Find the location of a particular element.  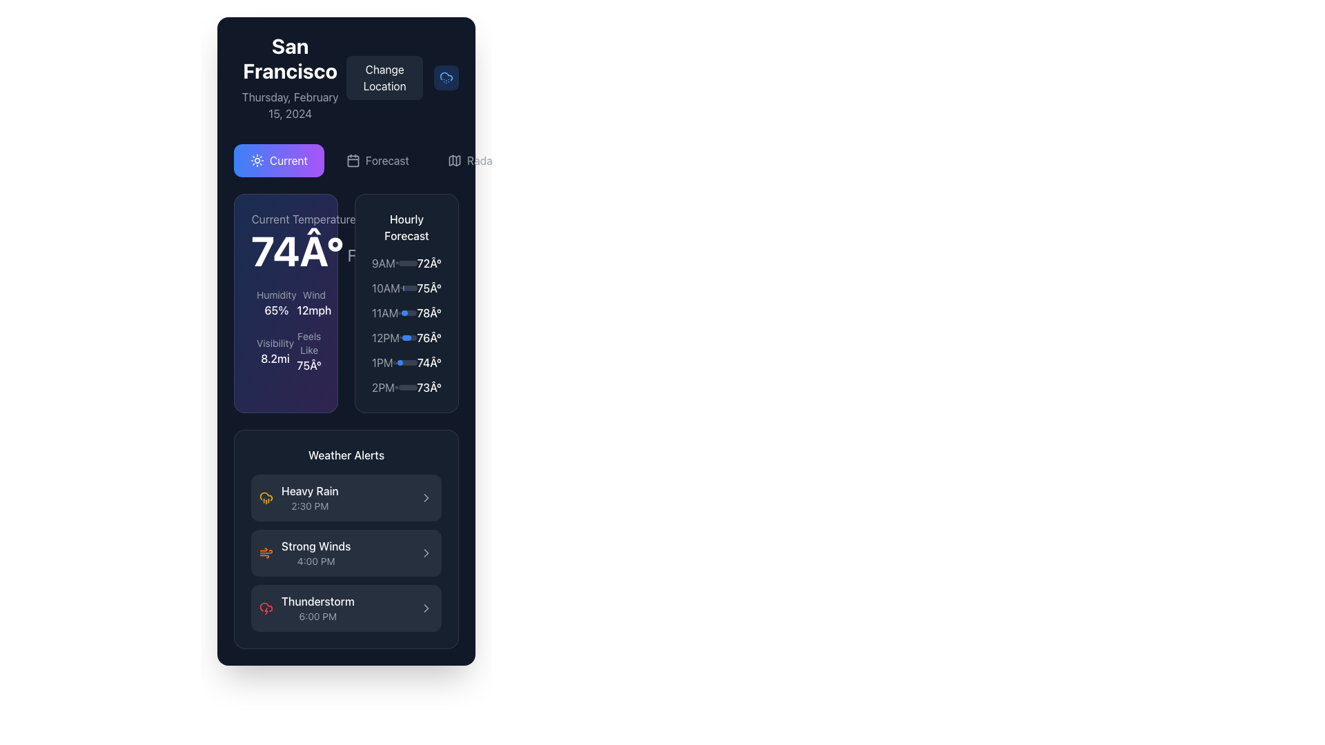

the static text element displaying the timestamp for the 'Strong Winds' weather alert, which is located below the 'Strong Winds' label in the weather alerts section is located at coordinates (315, 561).